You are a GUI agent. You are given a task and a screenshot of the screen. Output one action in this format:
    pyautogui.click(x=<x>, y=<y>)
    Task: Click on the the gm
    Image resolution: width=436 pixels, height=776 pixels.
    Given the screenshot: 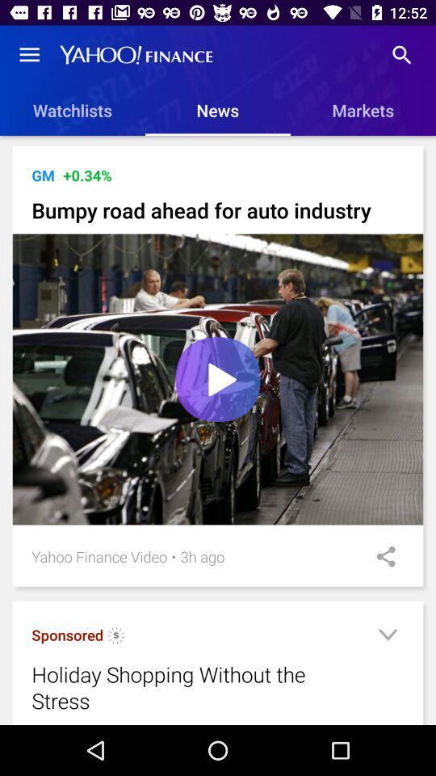 What is the action you would take?
    pyautogui.click(x=43, y=175)
    